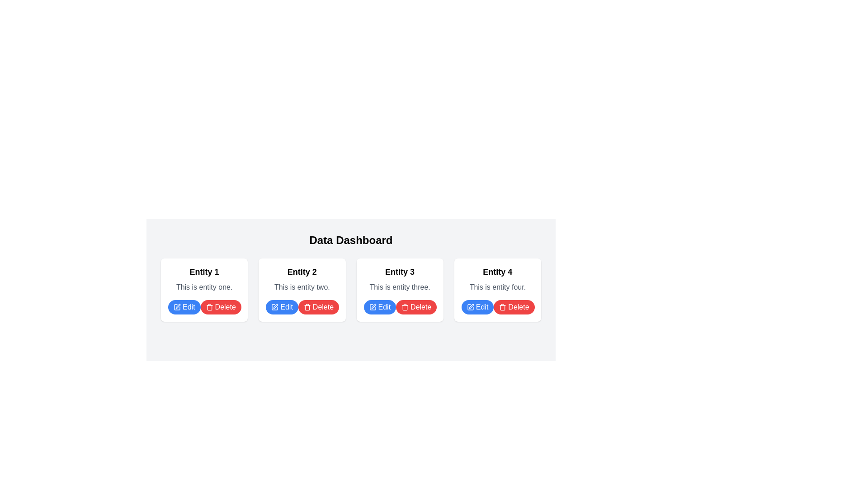 The width and height of the screenshot is (868, 488). What do you see at coordinates (302, 278) in the screenshot?
I see `the static text display component titled 'Entity 2', which includes a bold title and a descriptive phrase, located in the second card of a row of four cards` at bounding box center [302, 278].